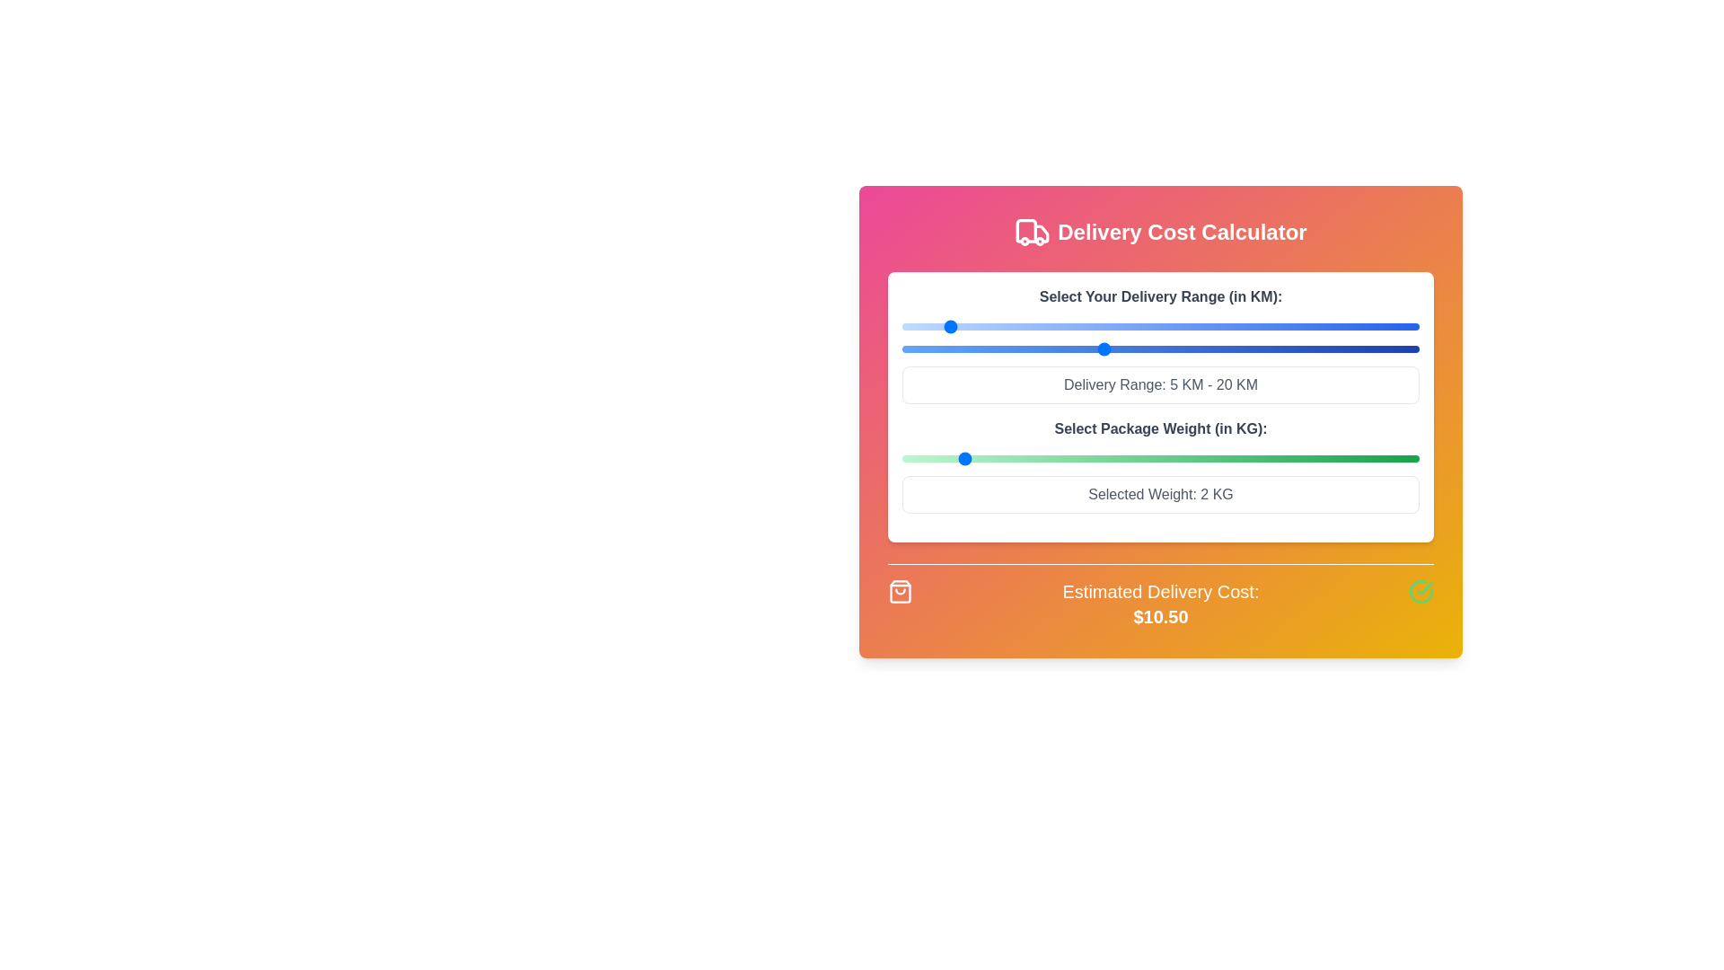  What do you see at coordinates (1189, 457) in the screenshot?
I see `the package weight` at bounding box center [1189, 457].